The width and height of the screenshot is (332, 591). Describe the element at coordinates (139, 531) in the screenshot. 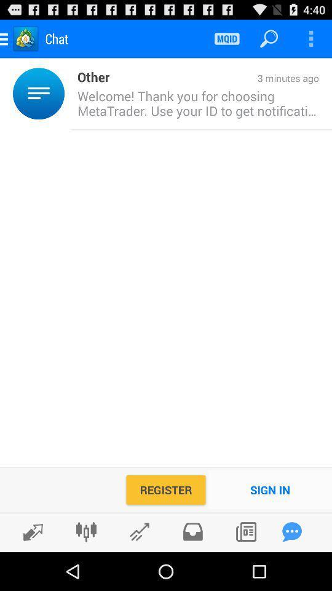

I see `trending posts` at that location.